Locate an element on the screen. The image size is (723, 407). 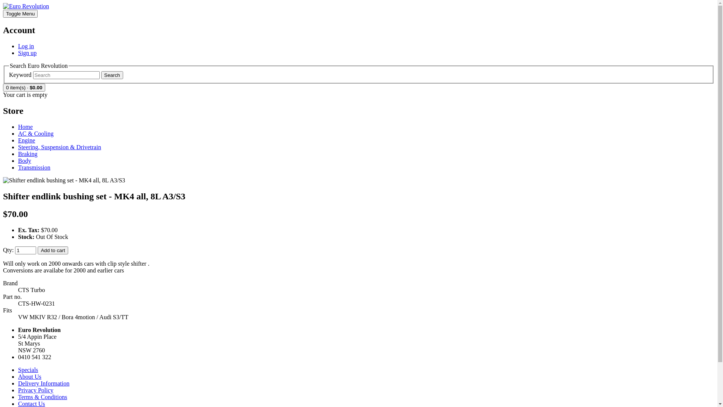
'Engine' is located at coordinates (26, 140).